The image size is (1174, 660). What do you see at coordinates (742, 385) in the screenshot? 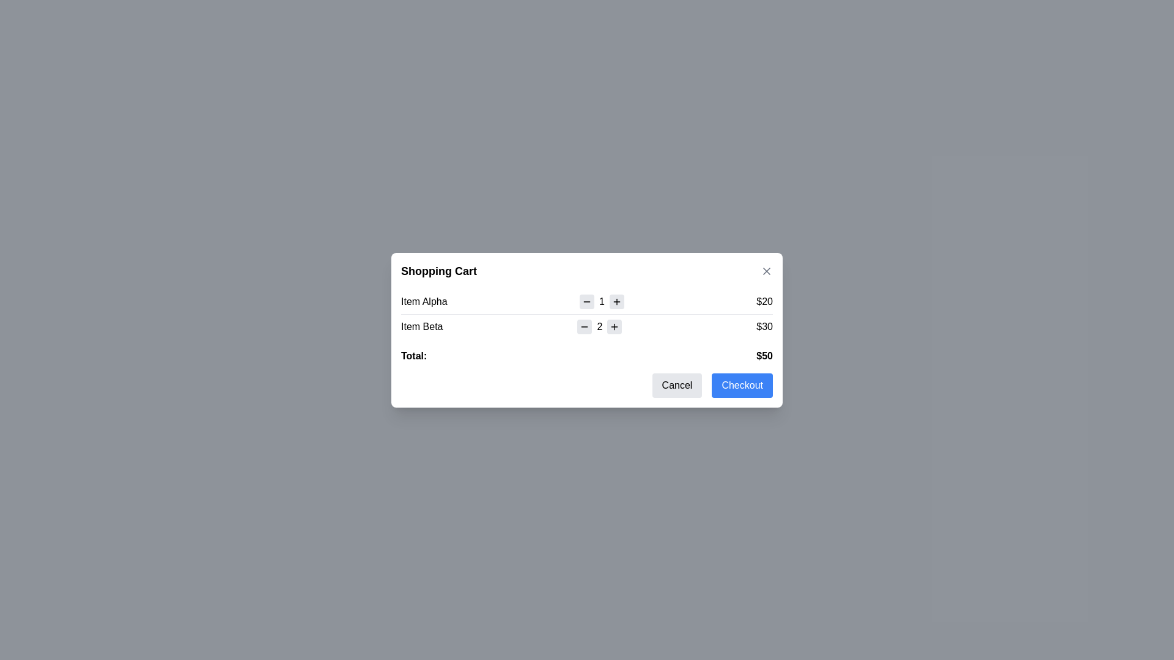
I see `the 'Checkout' button, which is a rectangular button with a blue background and white text, located in the bottom-right portion of the modal dialog next to the 'Cancel' button` at bounding box center [742, 385].